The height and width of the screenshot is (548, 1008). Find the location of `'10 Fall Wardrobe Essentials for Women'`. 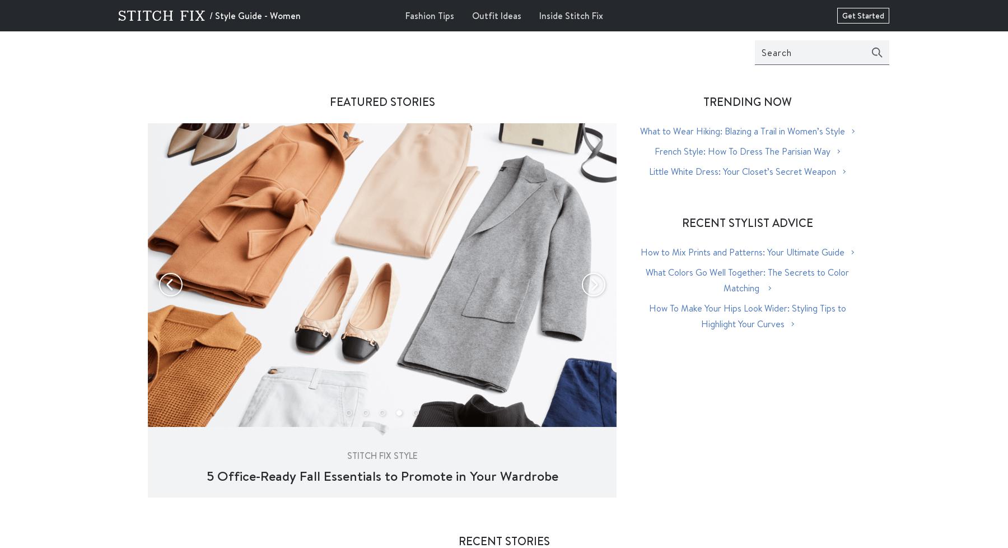

'10 Fall Wardrobe Essentials for Women' is located at coordinates (381, 475).